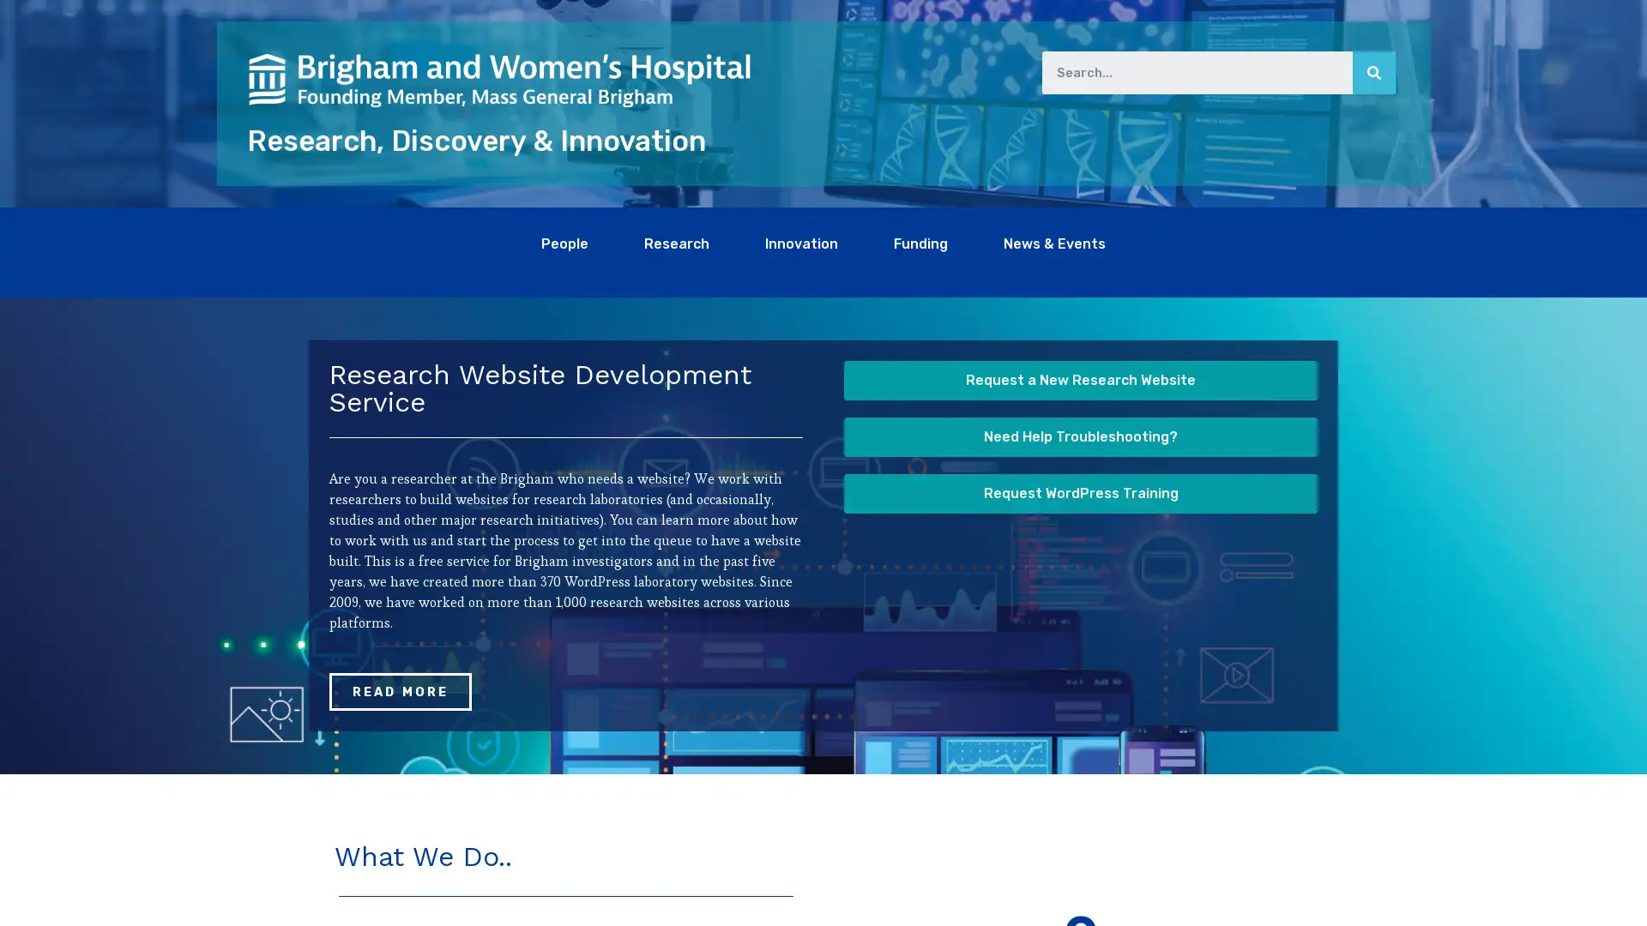 Image resolution: width=1647 pixels, height=926 pixels. I want to click on Request WordPress Training, so click(1079, 492).